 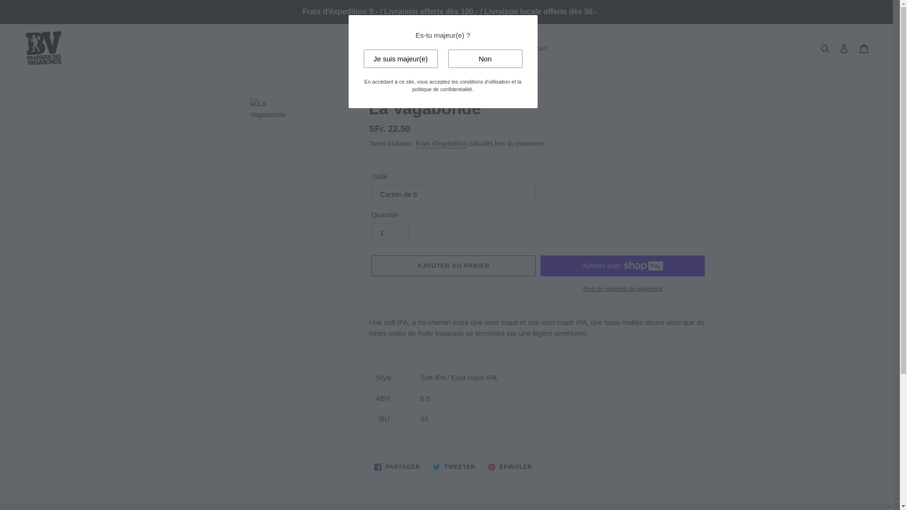 I want to click on 'Se connecter', so click(x=834, y=48).